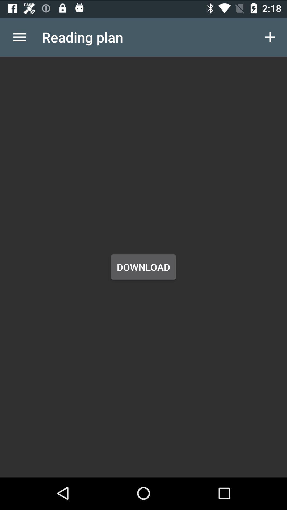 The image size is (287, 510). I want to click on item next to reading plan icon, so click(19, 36).